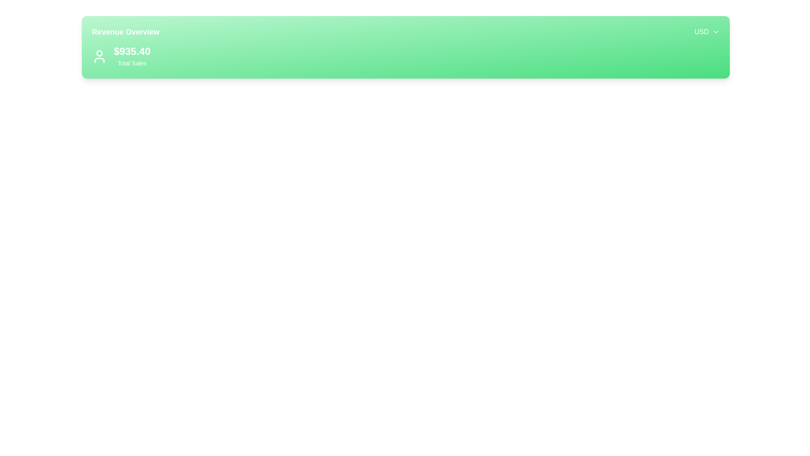 This screenshot has width=810, height=456. Describe the element at coordinates (99, 53) in the screenshot. I see `the decorative graphical circle element representing the user profile icon located in the Revenue Overview section, adjacent to the '$935.40 Total Sales' text` at that location.